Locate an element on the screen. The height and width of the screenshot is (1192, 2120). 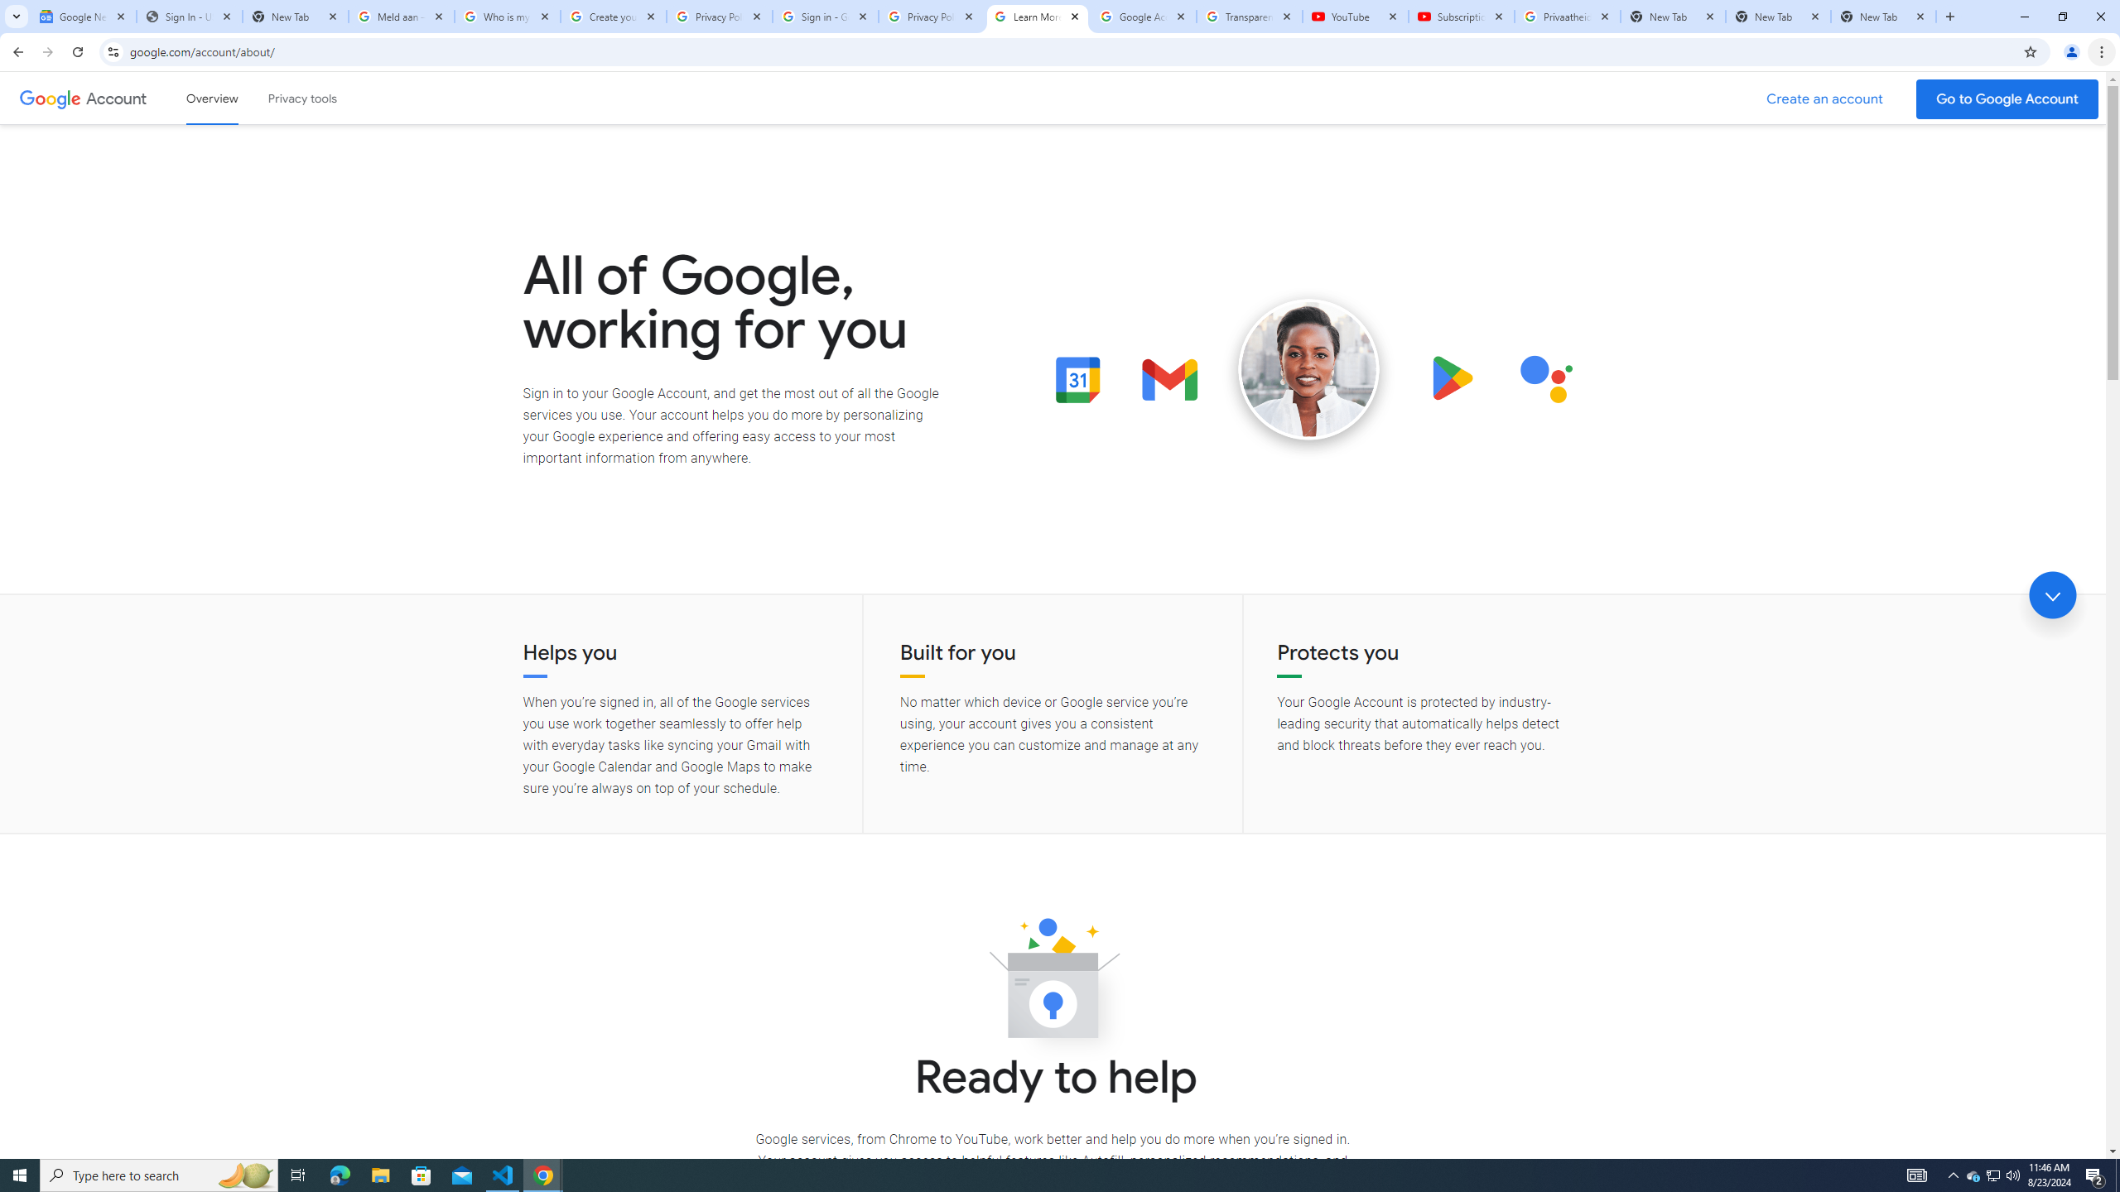
'YouTube' is located at coordinates (1355, 16).